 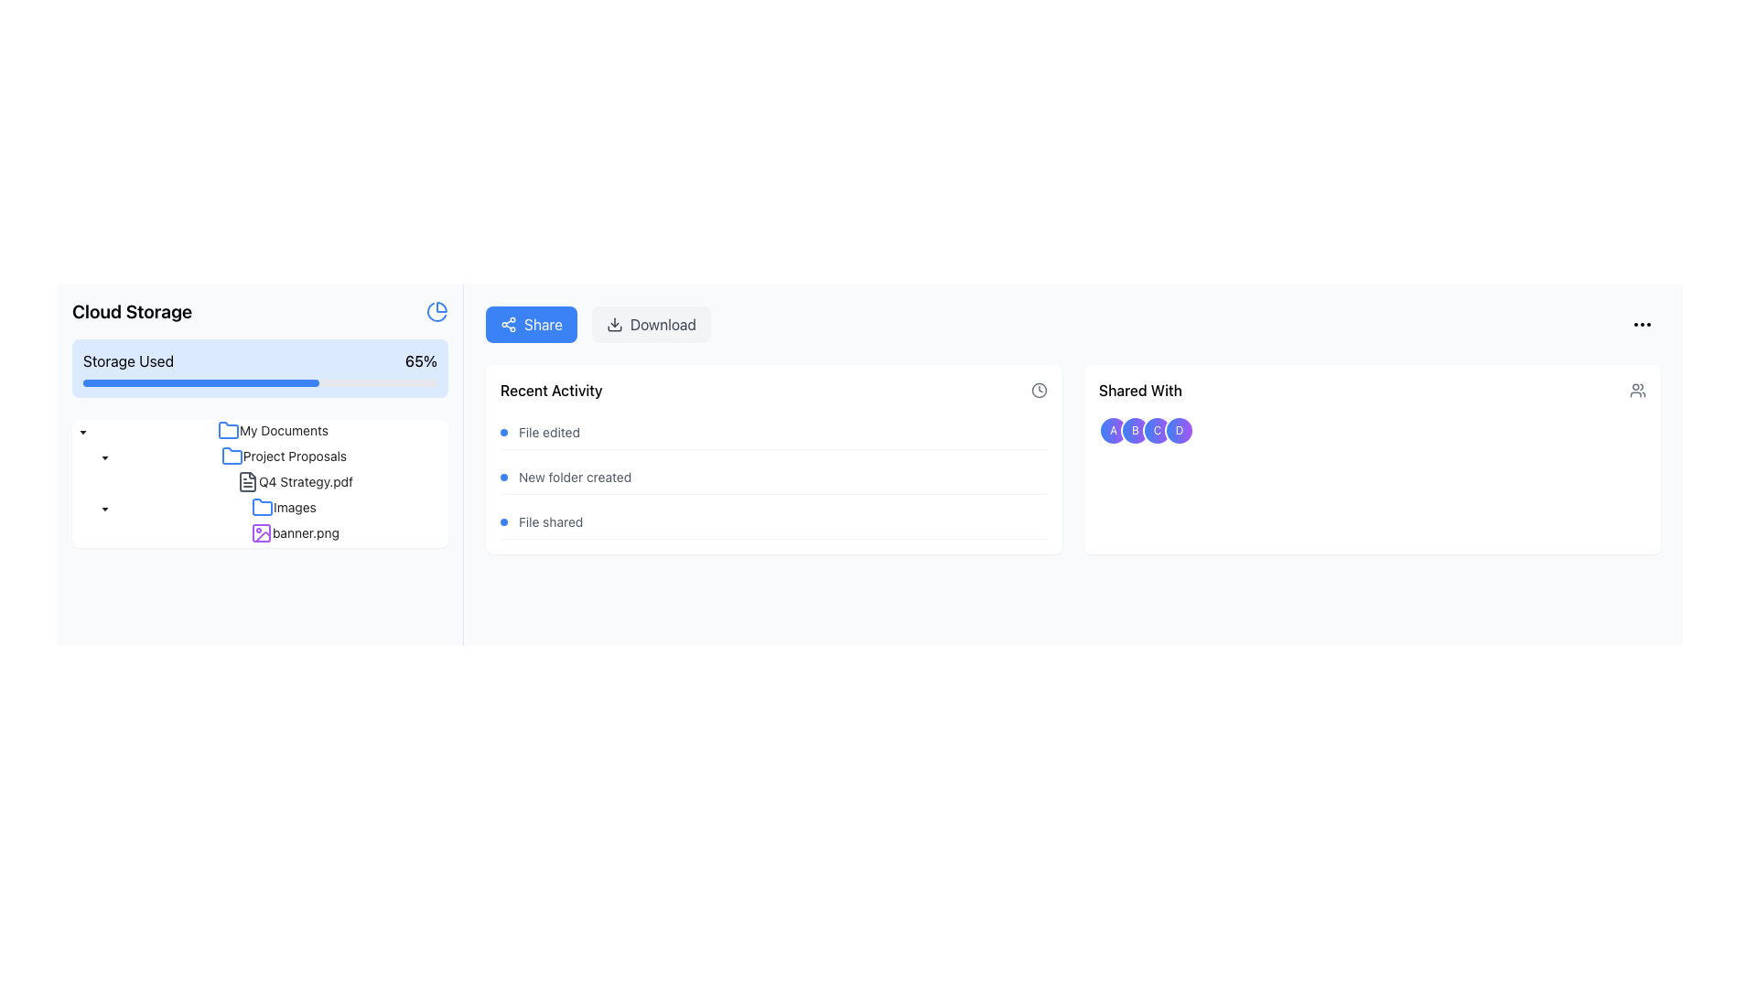 I want to click on the folder icon representing the 'Images' folder in the file hierarchy, so click(x=259, y=508).